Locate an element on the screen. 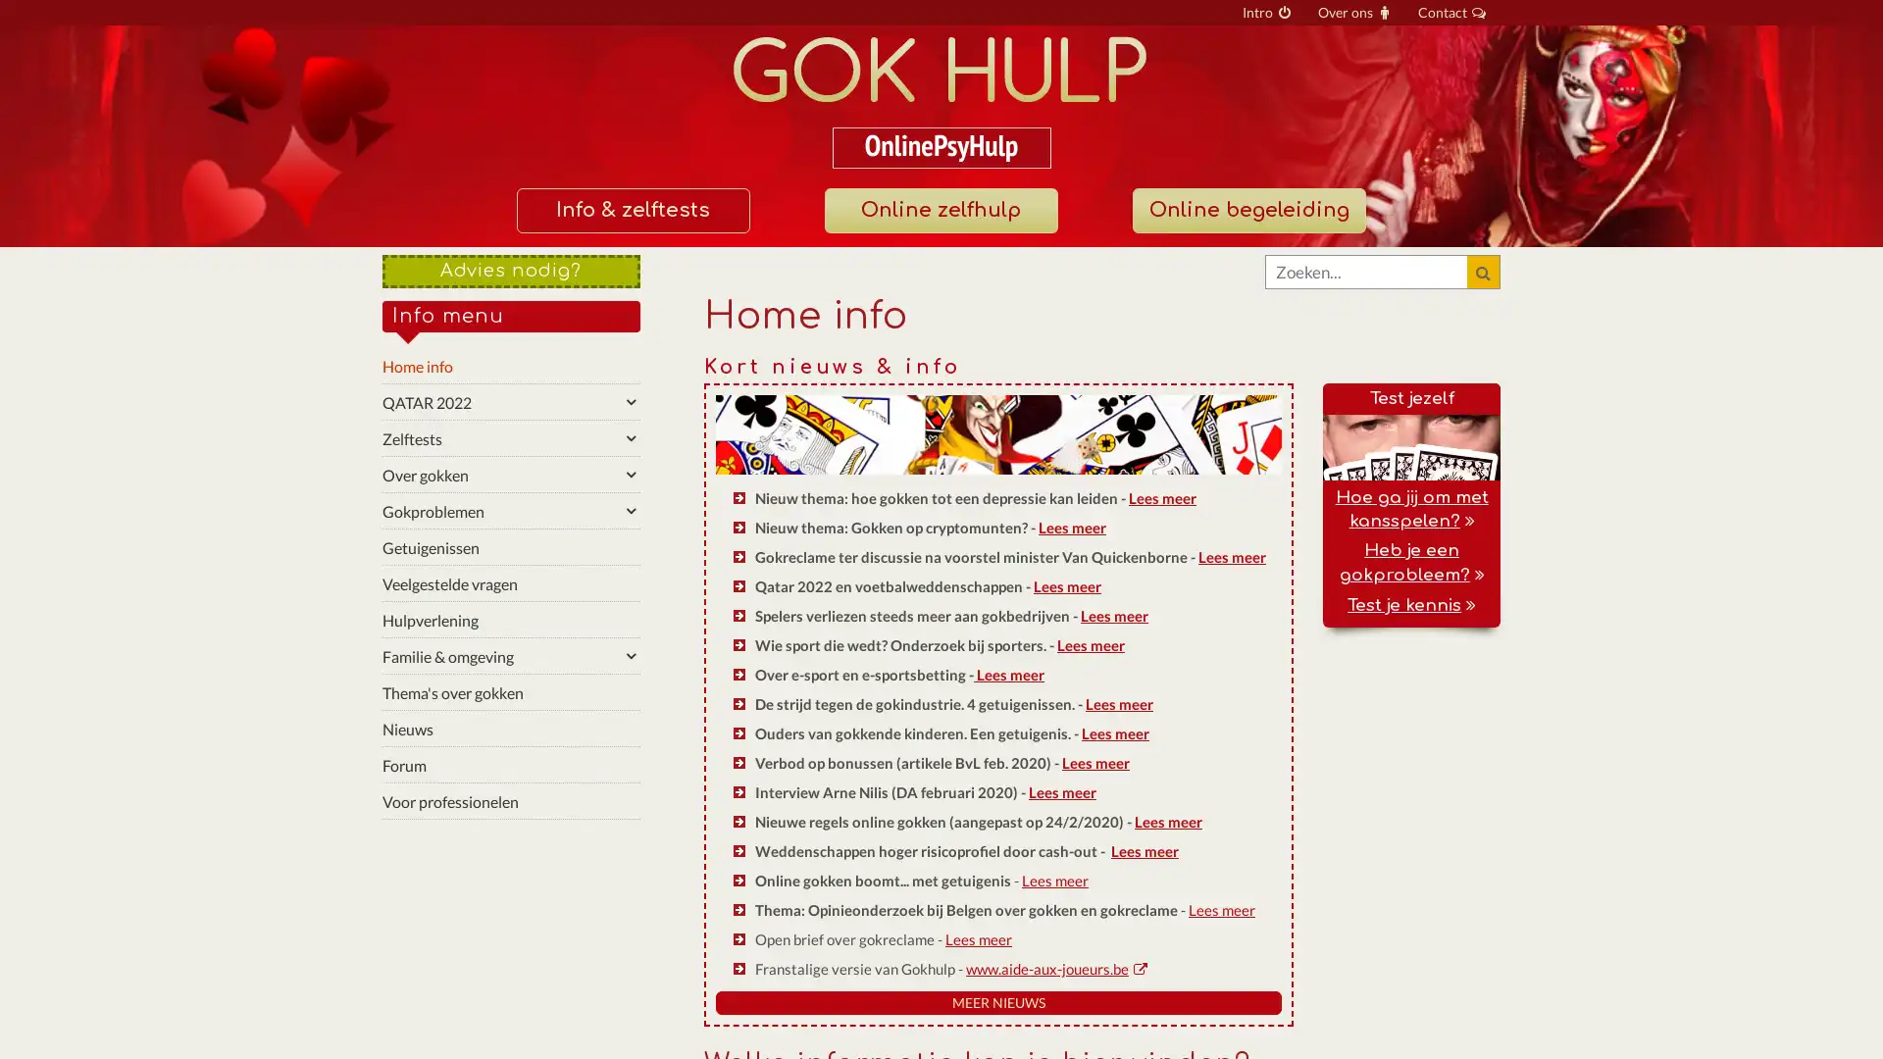 This screenshot has width=1883, height=1059. Online zelfhulp is located at coordinates (940, 211).